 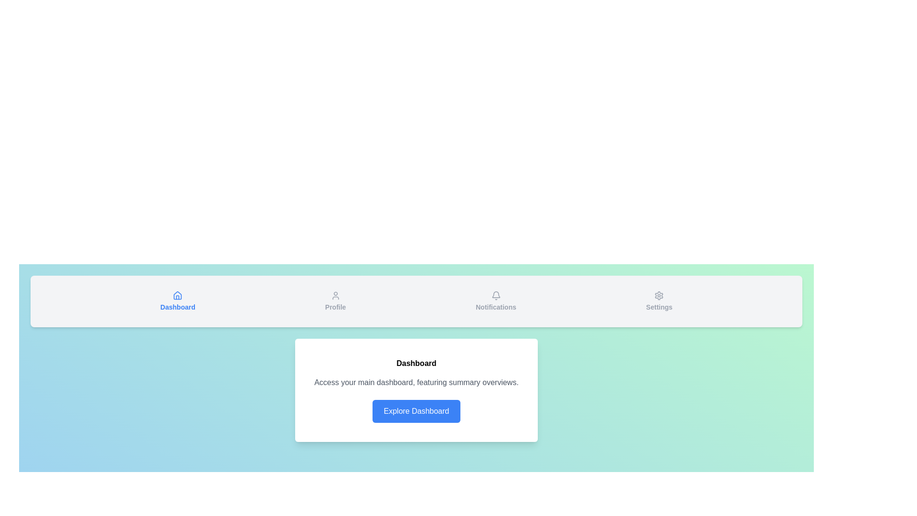 What do you see at coordinates (178, 301) in the screenshot?
I see `the tab labeled Dashboard to see its hover effects` at bounding box center [178, 301].